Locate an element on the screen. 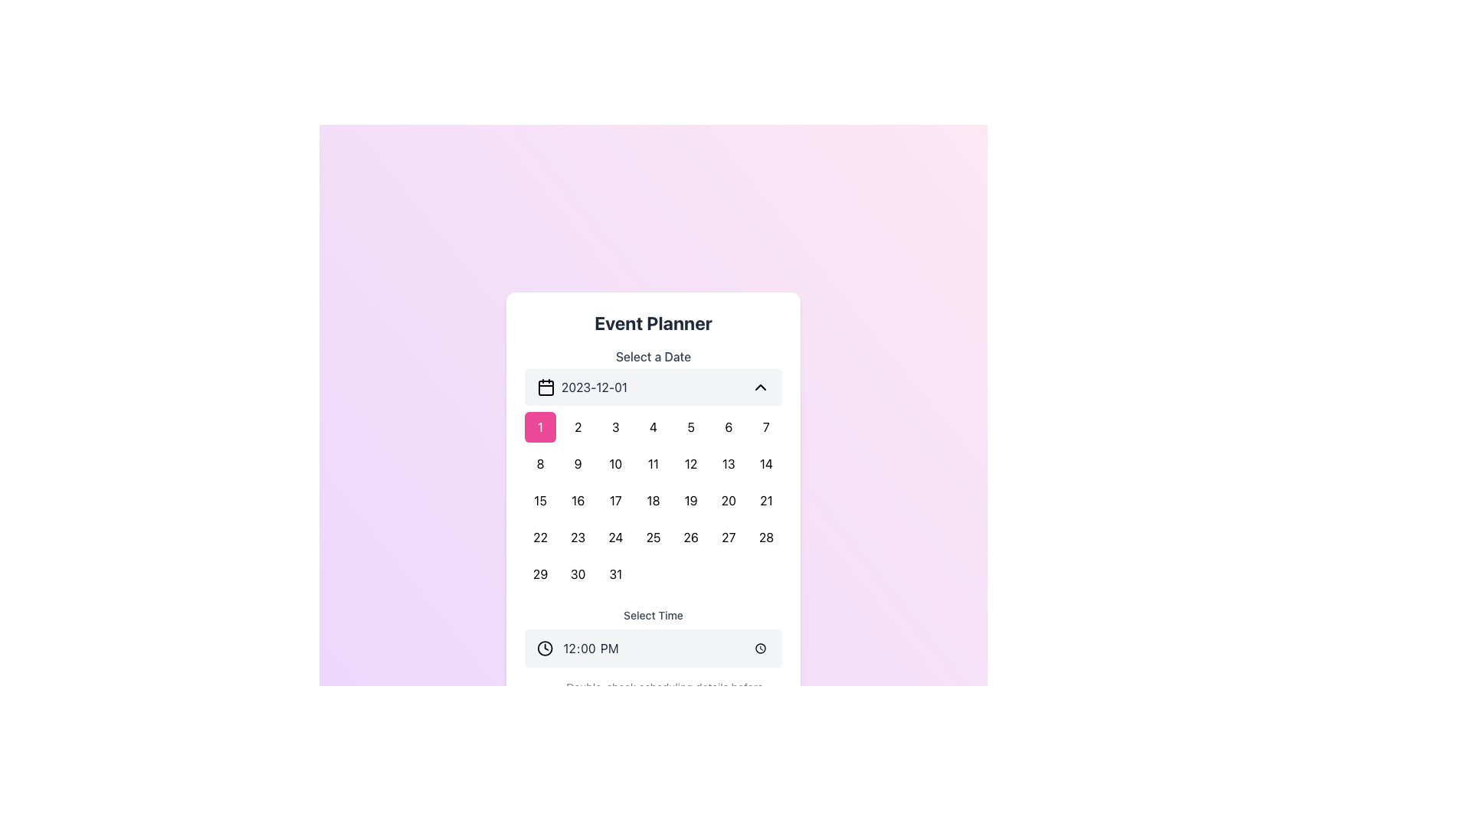 The width and height of the screenshot is (1471, 827). the button representing the 15th day in the calendar widget is located at coordinates (540, 501).